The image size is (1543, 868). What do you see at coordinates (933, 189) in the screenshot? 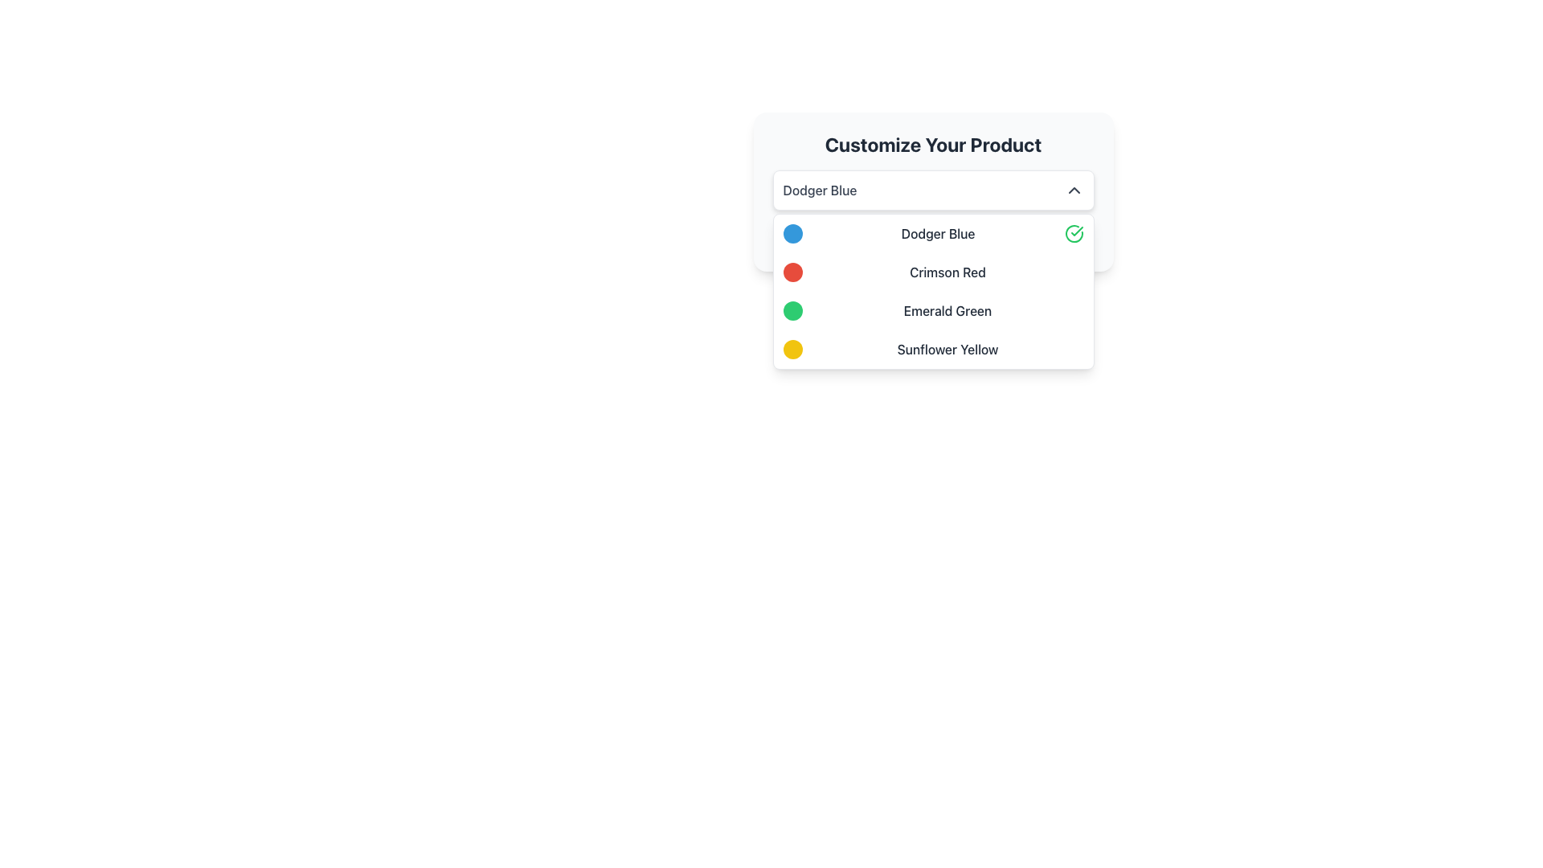
I see `the dropdown menu selector labeled 'Dodger Blue'` at bounding box center [933, 189].